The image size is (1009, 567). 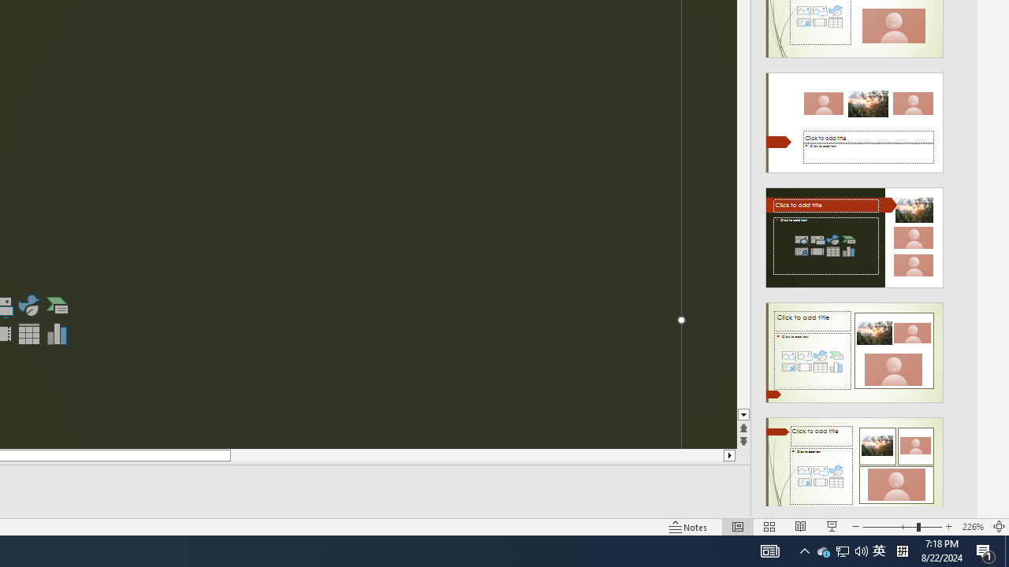 I want to click on 'Insert Table', so click(x=28, y=333).